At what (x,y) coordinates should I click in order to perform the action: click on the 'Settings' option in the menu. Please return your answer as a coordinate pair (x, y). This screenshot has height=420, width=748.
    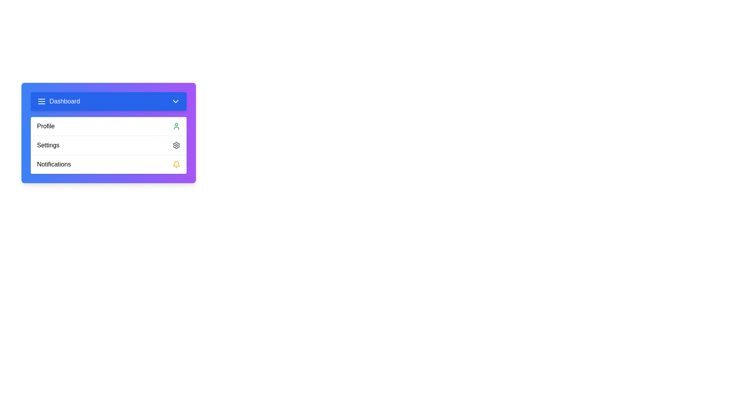
    Looking at the image, I should click on (108, 145).